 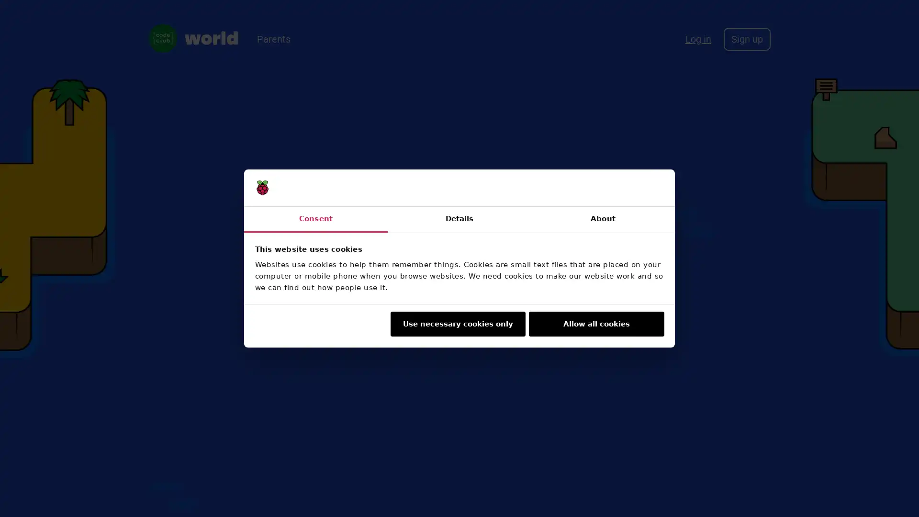 I want to click on Use necessary cookies only, so click(x=457, y=324).